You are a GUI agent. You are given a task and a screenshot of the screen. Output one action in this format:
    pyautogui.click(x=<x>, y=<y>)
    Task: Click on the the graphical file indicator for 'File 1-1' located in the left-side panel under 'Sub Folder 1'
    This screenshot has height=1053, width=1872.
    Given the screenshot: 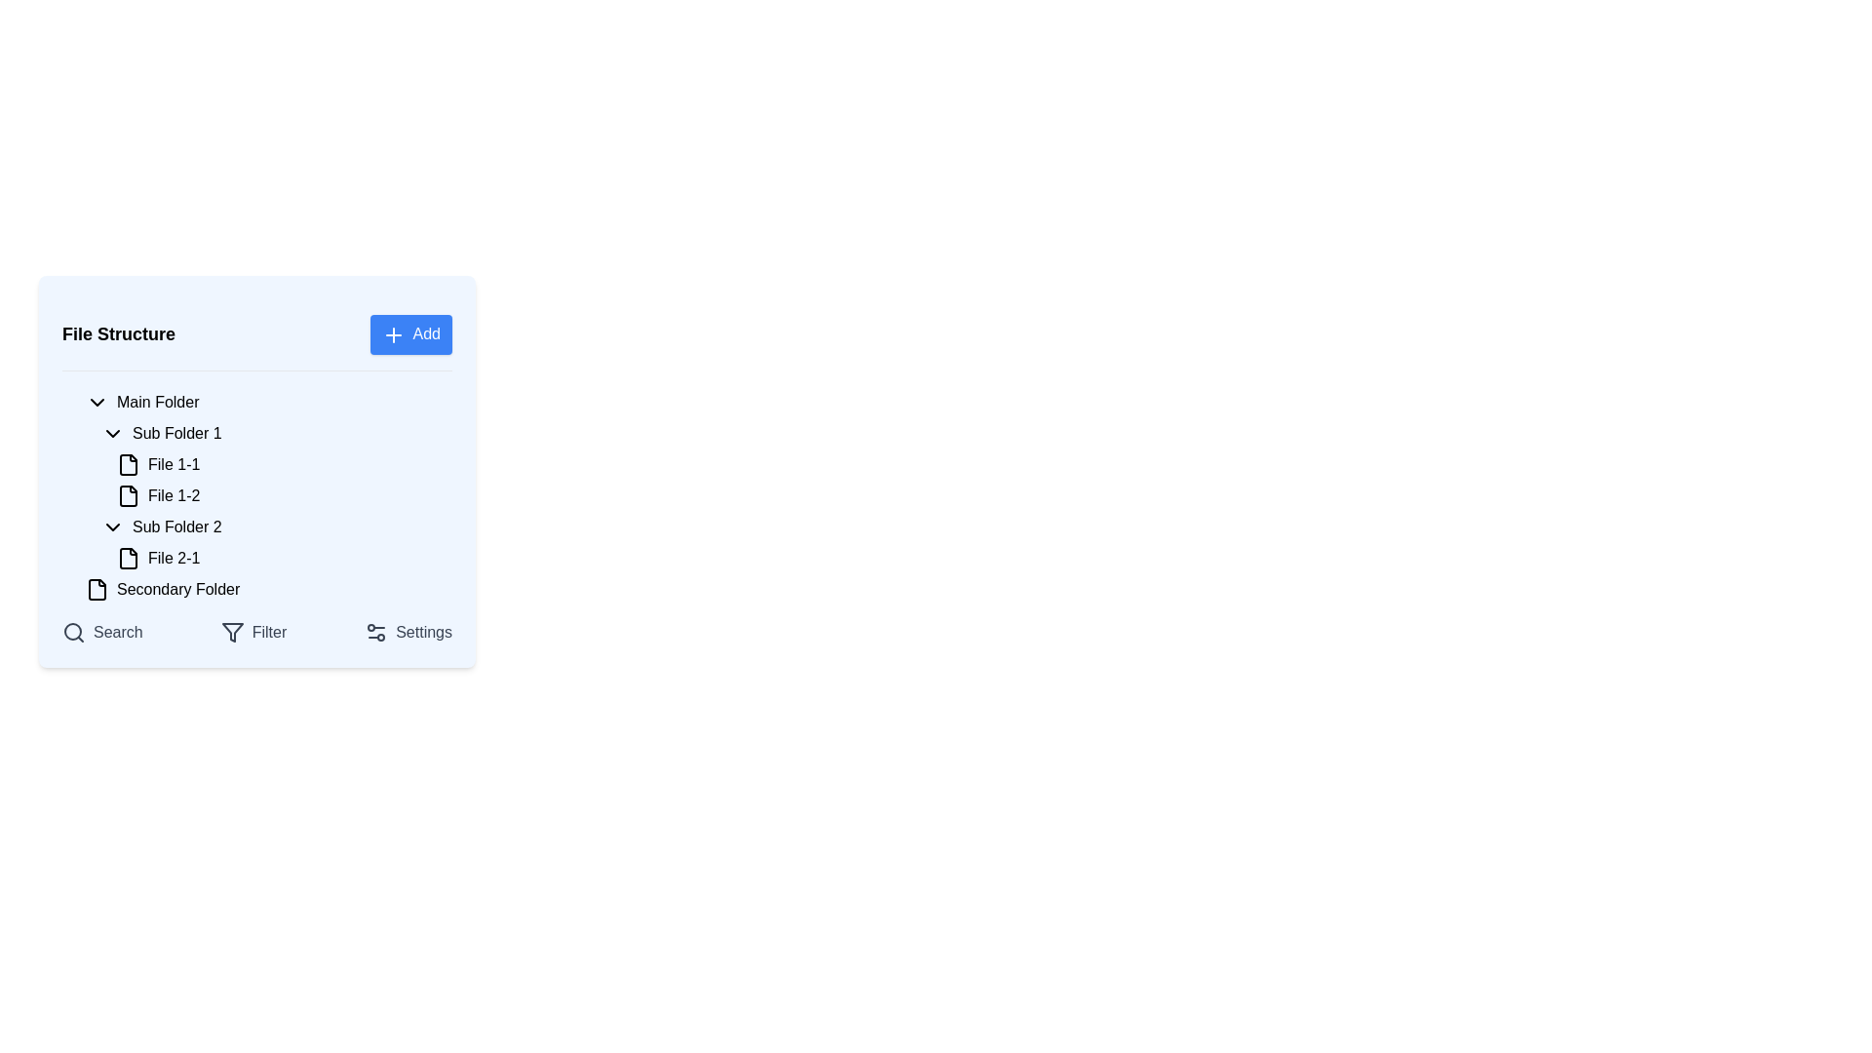 What is the action you would take?
    pyautogui.click(x=128, y=463)
    